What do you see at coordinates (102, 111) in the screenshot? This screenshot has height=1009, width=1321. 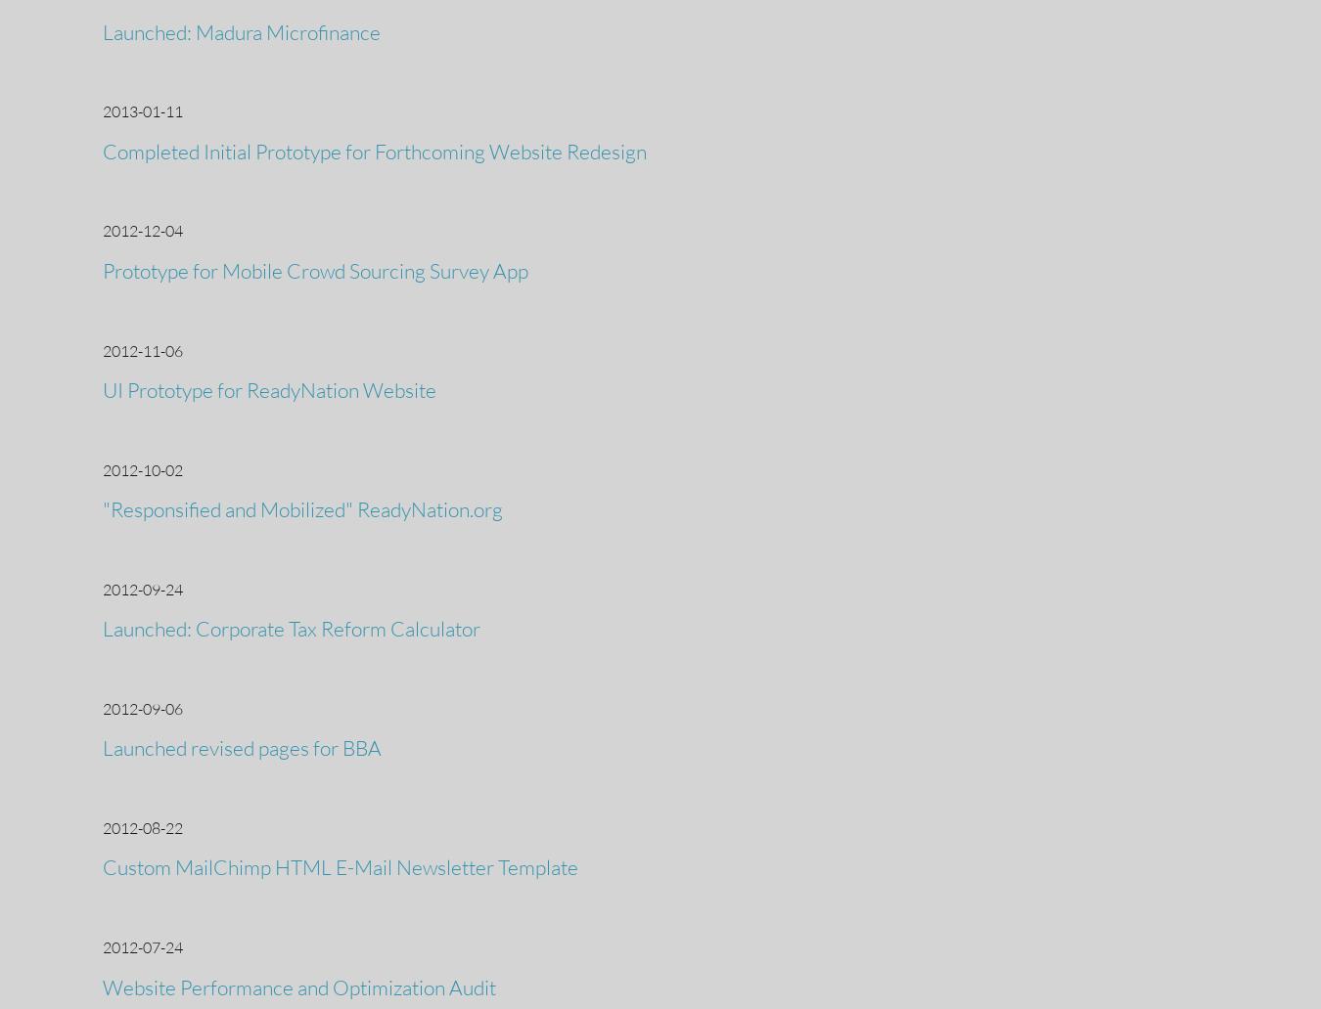 I see `'2013-01-11'` at bounding box center [102, 111].